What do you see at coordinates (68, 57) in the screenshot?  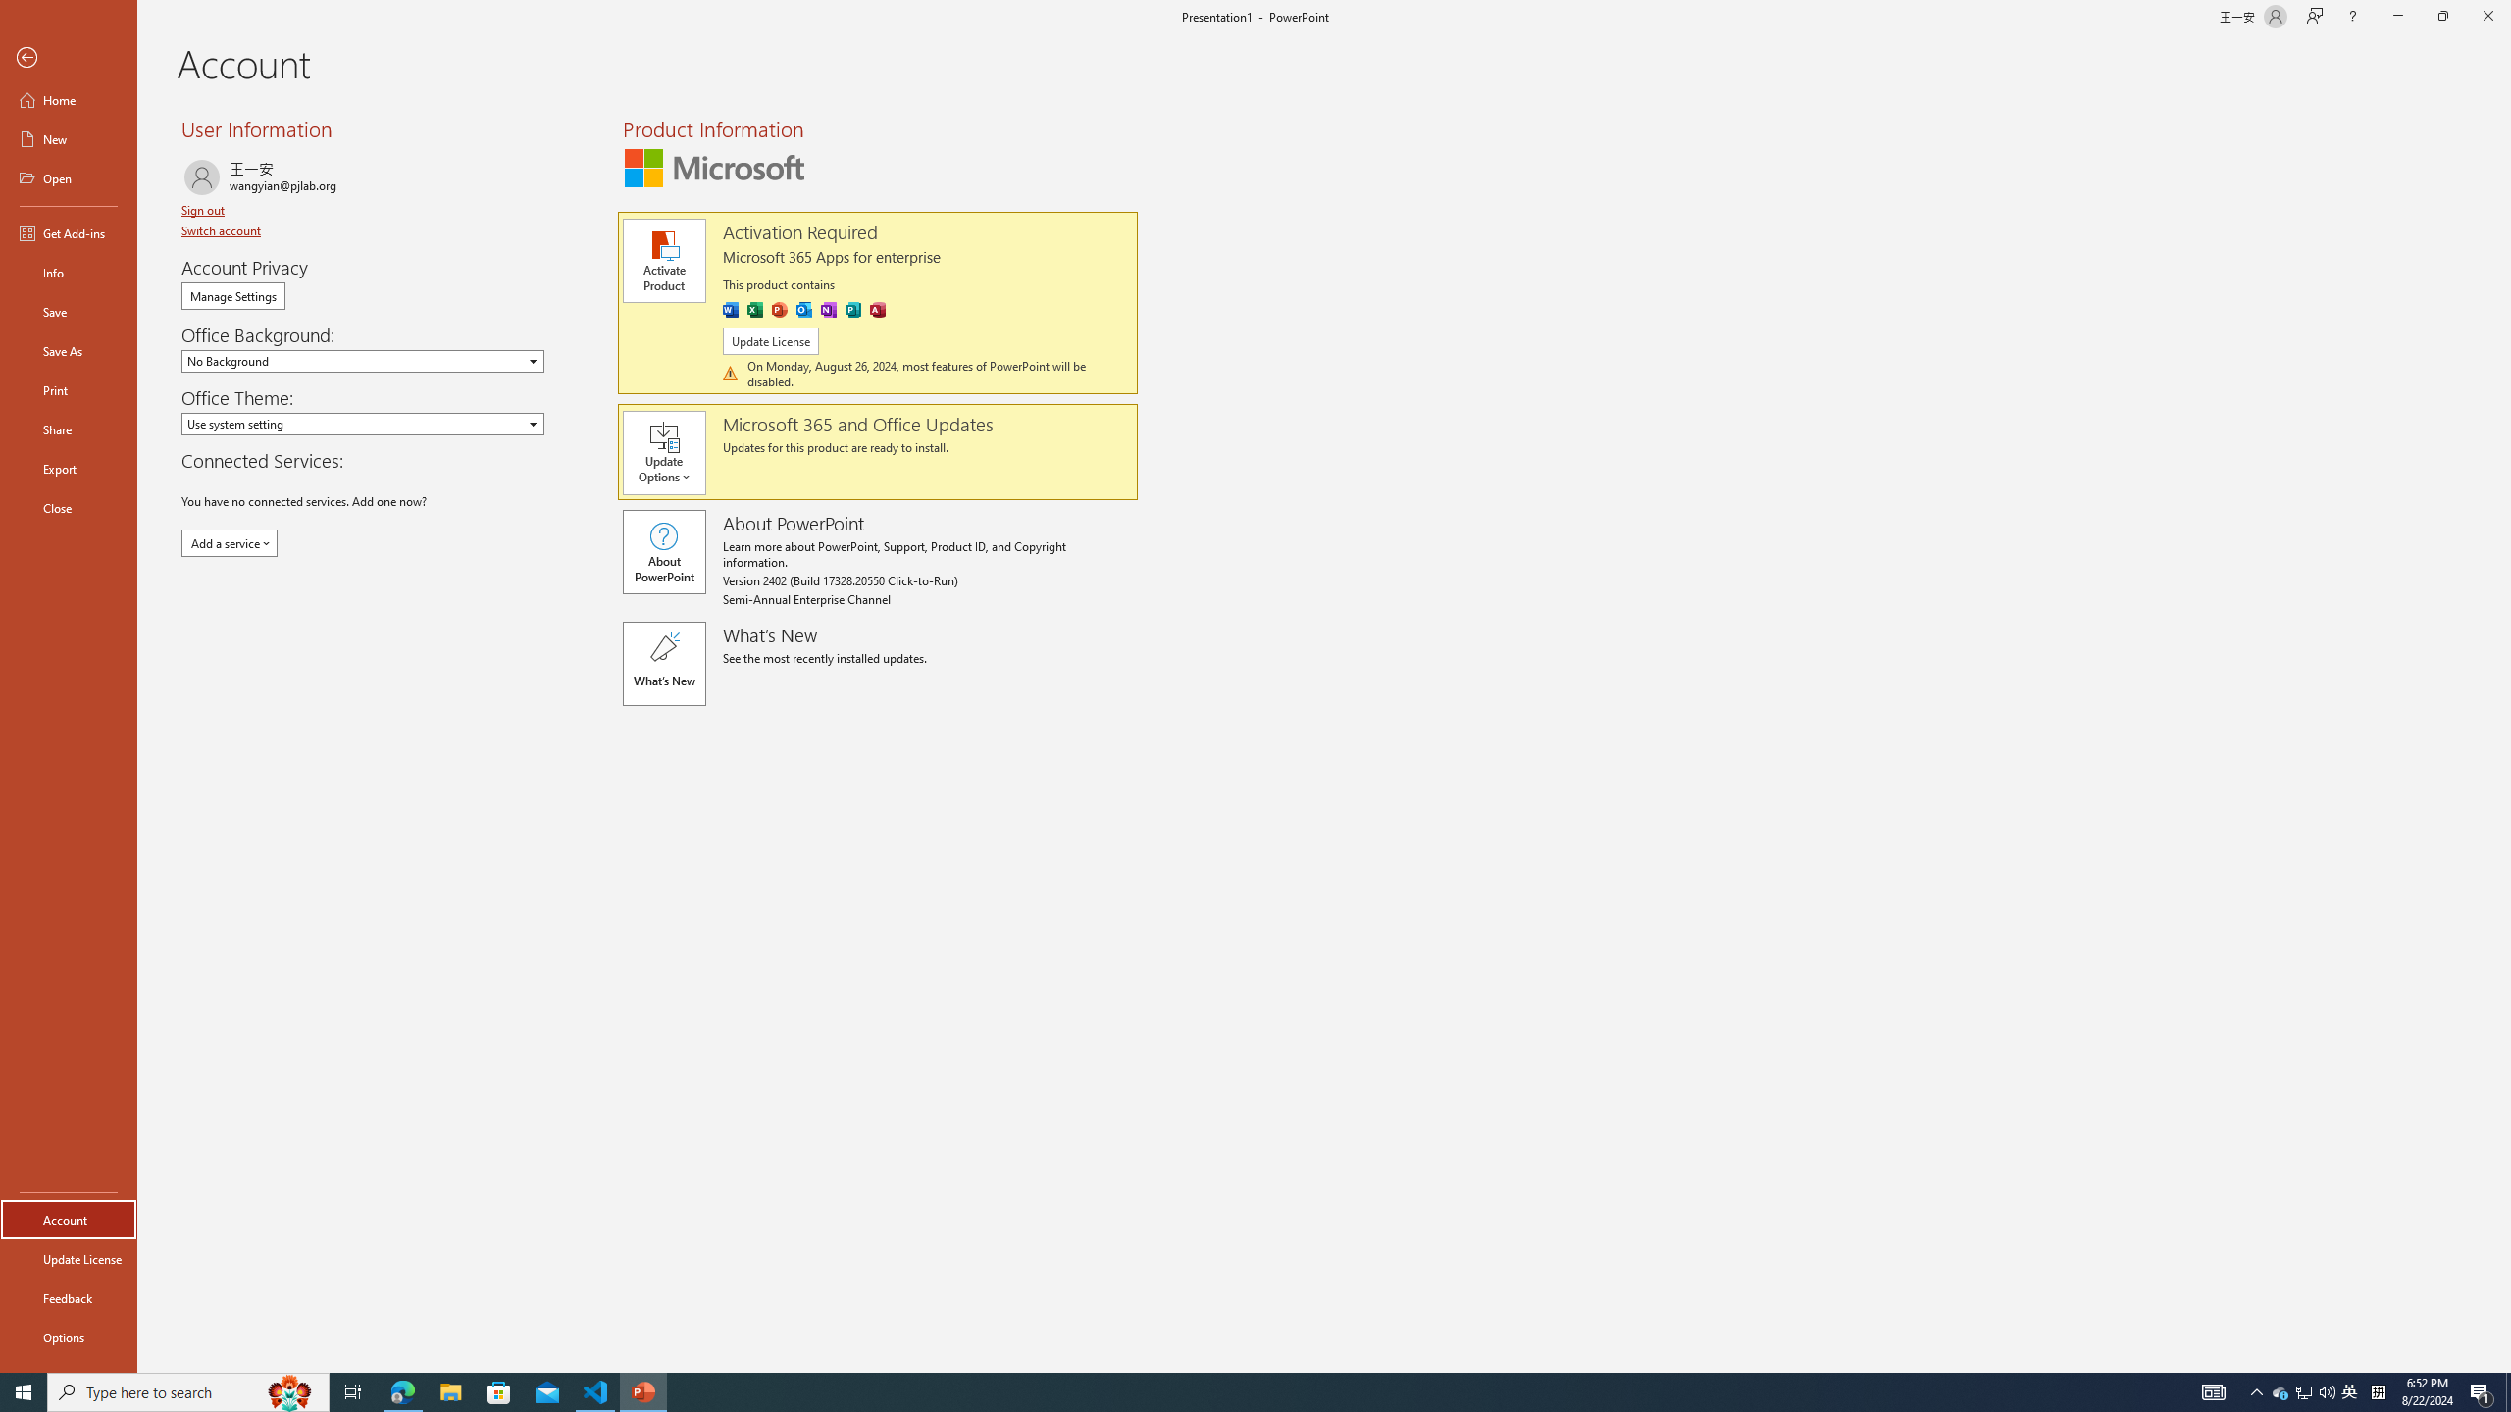 I see `'Back'` at bounding box center [68, 57].